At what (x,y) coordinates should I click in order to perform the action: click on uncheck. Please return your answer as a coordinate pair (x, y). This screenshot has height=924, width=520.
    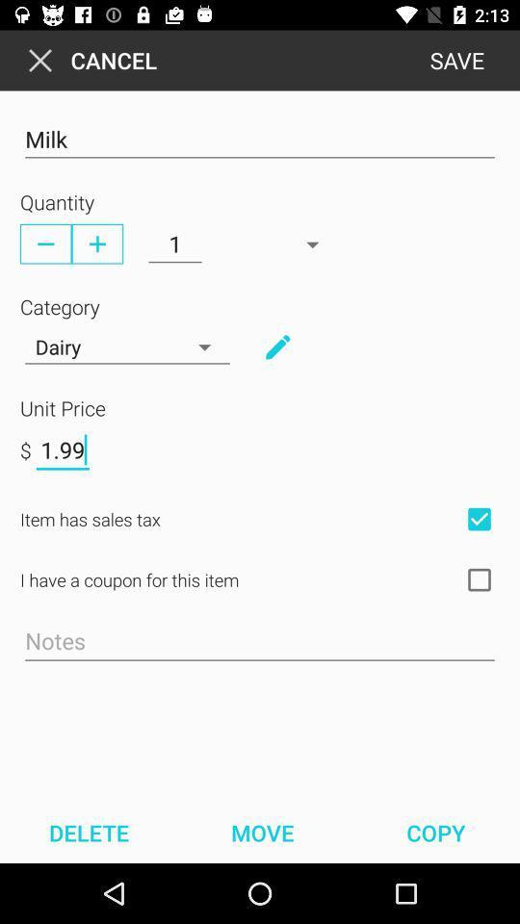
    Looking at the image, I should click on (478, 518).